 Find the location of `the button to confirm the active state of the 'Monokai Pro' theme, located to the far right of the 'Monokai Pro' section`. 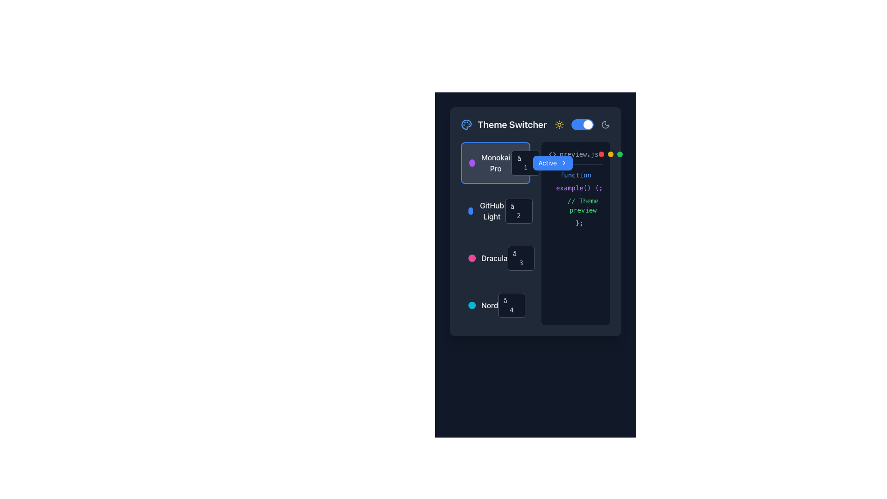

the button to confirm the active state of the 'Monokai Pro' theme, located to the far right of the 'Monokai Pro' section is located at coordinates (553, 163).